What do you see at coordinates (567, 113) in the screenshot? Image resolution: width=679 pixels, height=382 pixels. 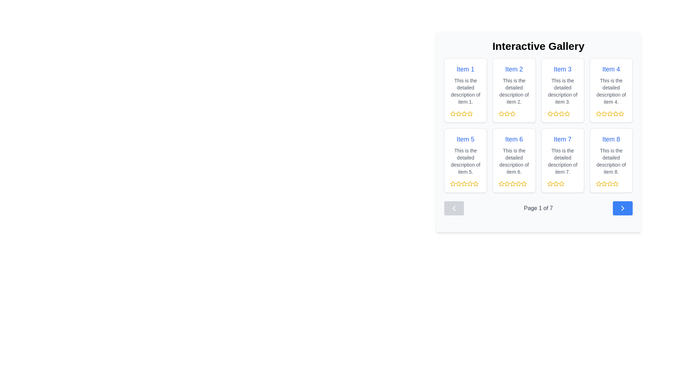 I see `the rating star icon for Item 3 in the first row and third column of the grid layout` at bounding box center [567, 113].